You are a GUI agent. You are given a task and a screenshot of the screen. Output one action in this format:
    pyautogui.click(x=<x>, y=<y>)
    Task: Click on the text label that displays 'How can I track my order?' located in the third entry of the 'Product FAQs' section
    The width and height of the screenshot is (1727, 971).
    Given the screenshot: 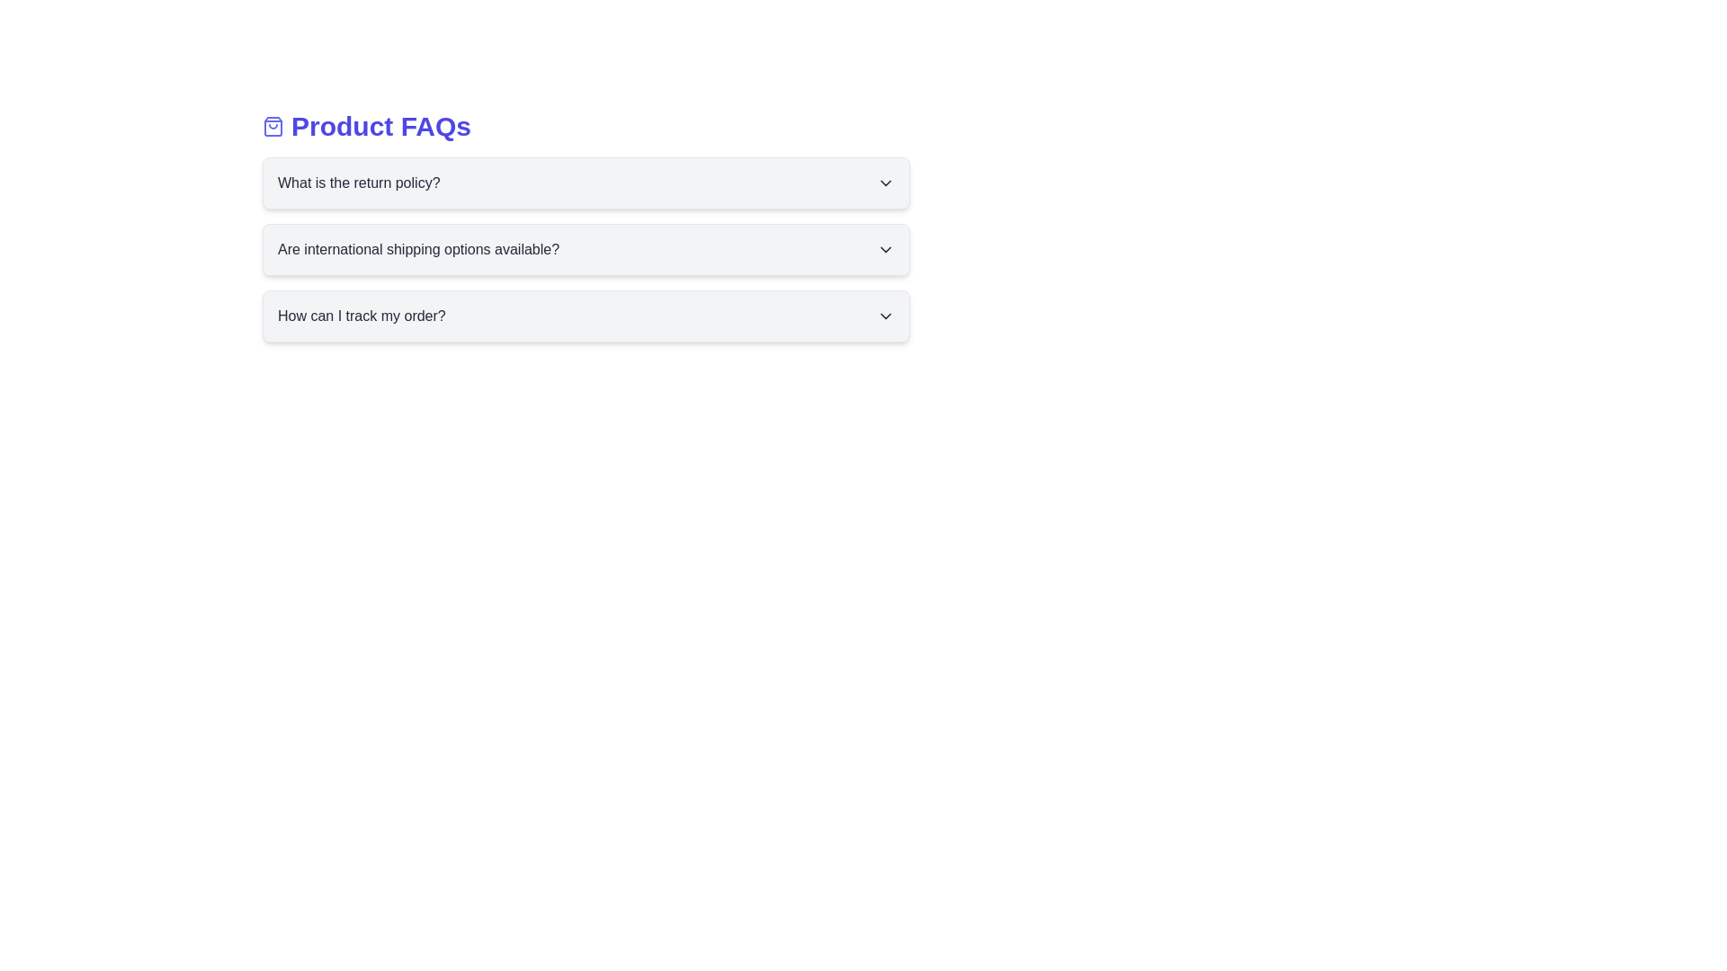 What is the action you would take?
    pyautogui.click(x=361, y=315)
    